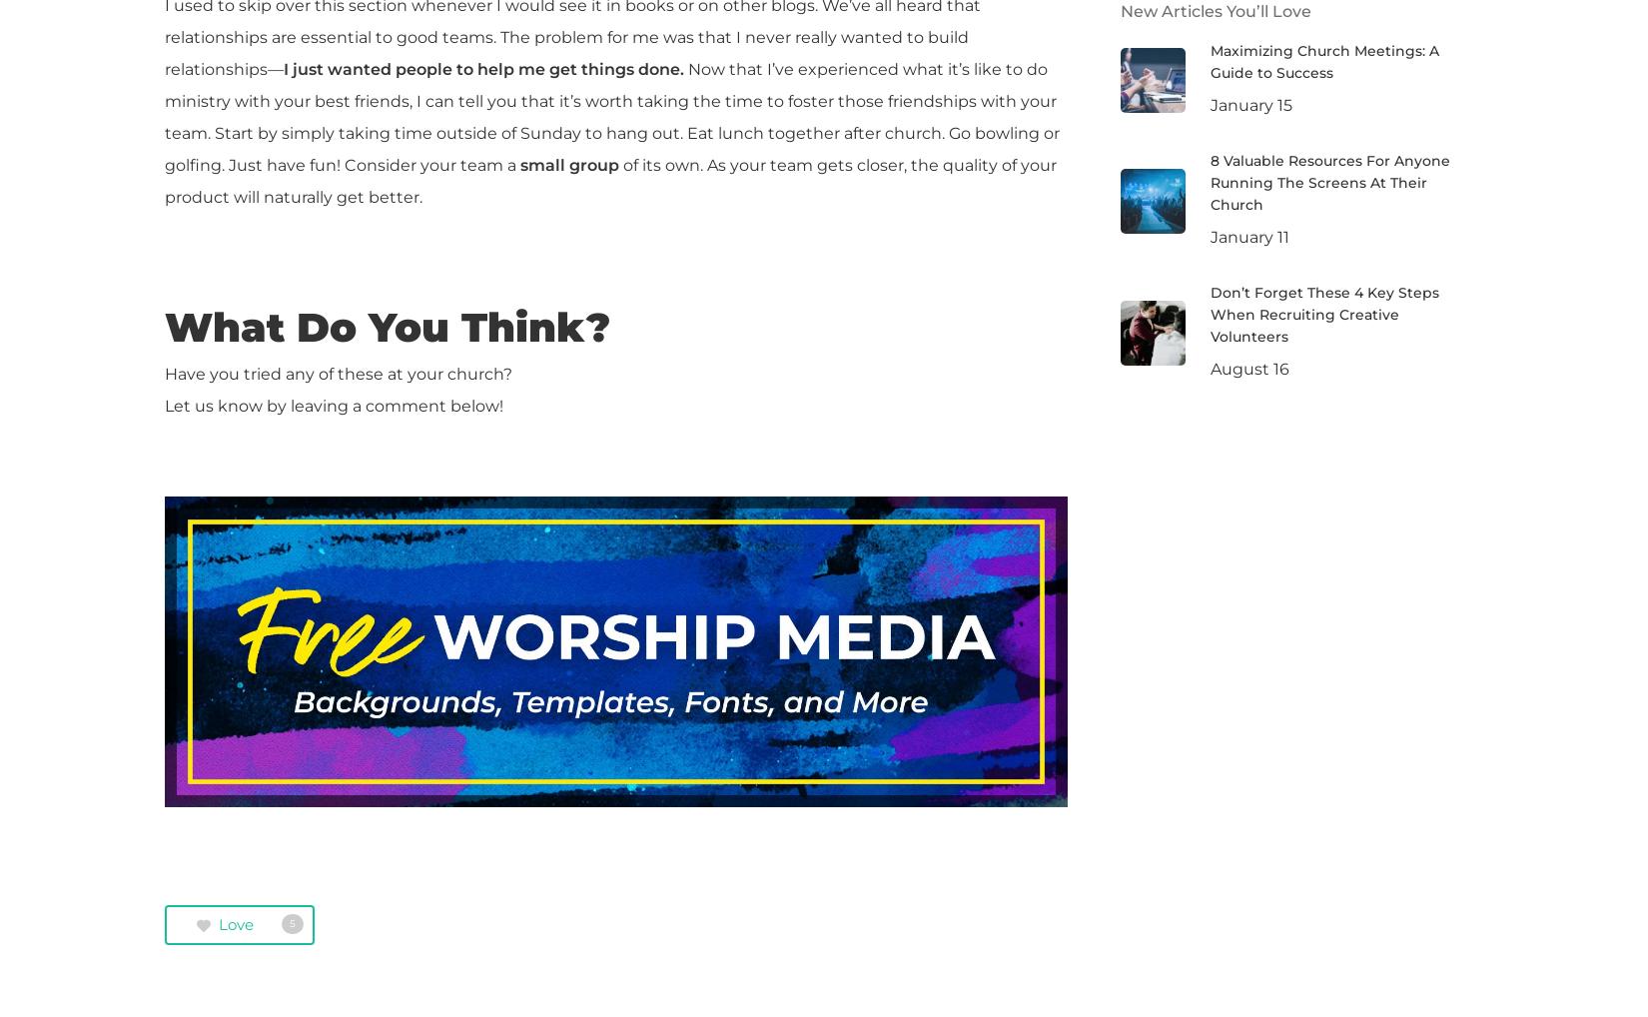  What do you see at coordinates (1120, 9) in the screenshot?
I see `'New Articles You’ll Love'` at bounding box center [1120, 9].